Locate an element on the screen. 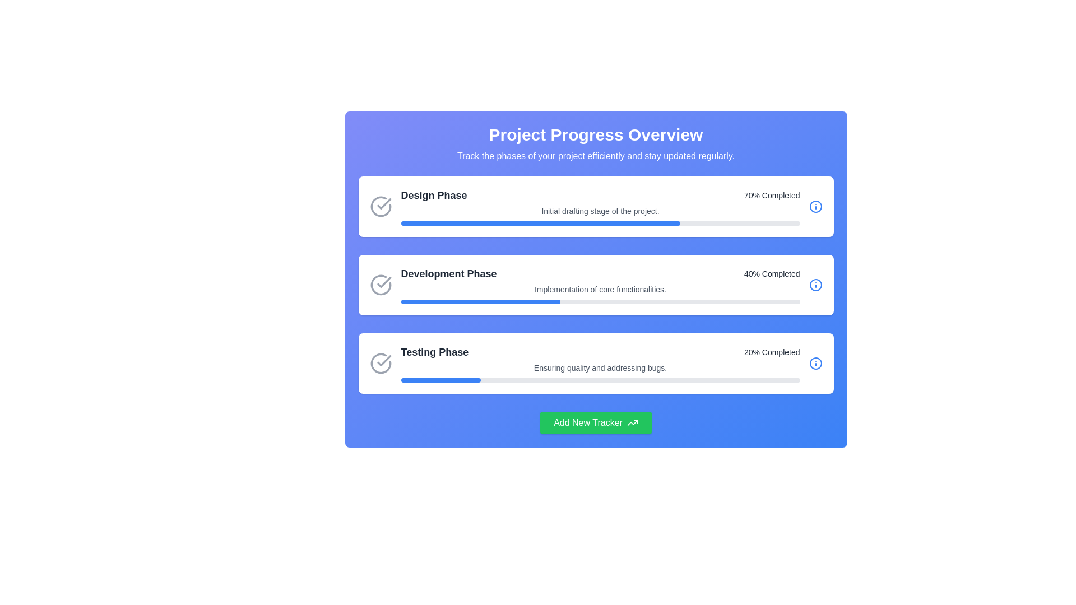  the informational/help icon located on the right side of the 'Testing Phase' block, aligned with the '20% Completed' text is located at coordinates (815, 363).